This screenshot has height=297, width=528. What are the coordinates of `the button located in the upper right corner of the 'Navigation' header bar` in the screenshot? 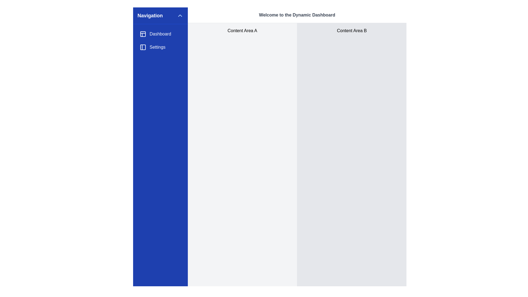 It's located at (180, 15).